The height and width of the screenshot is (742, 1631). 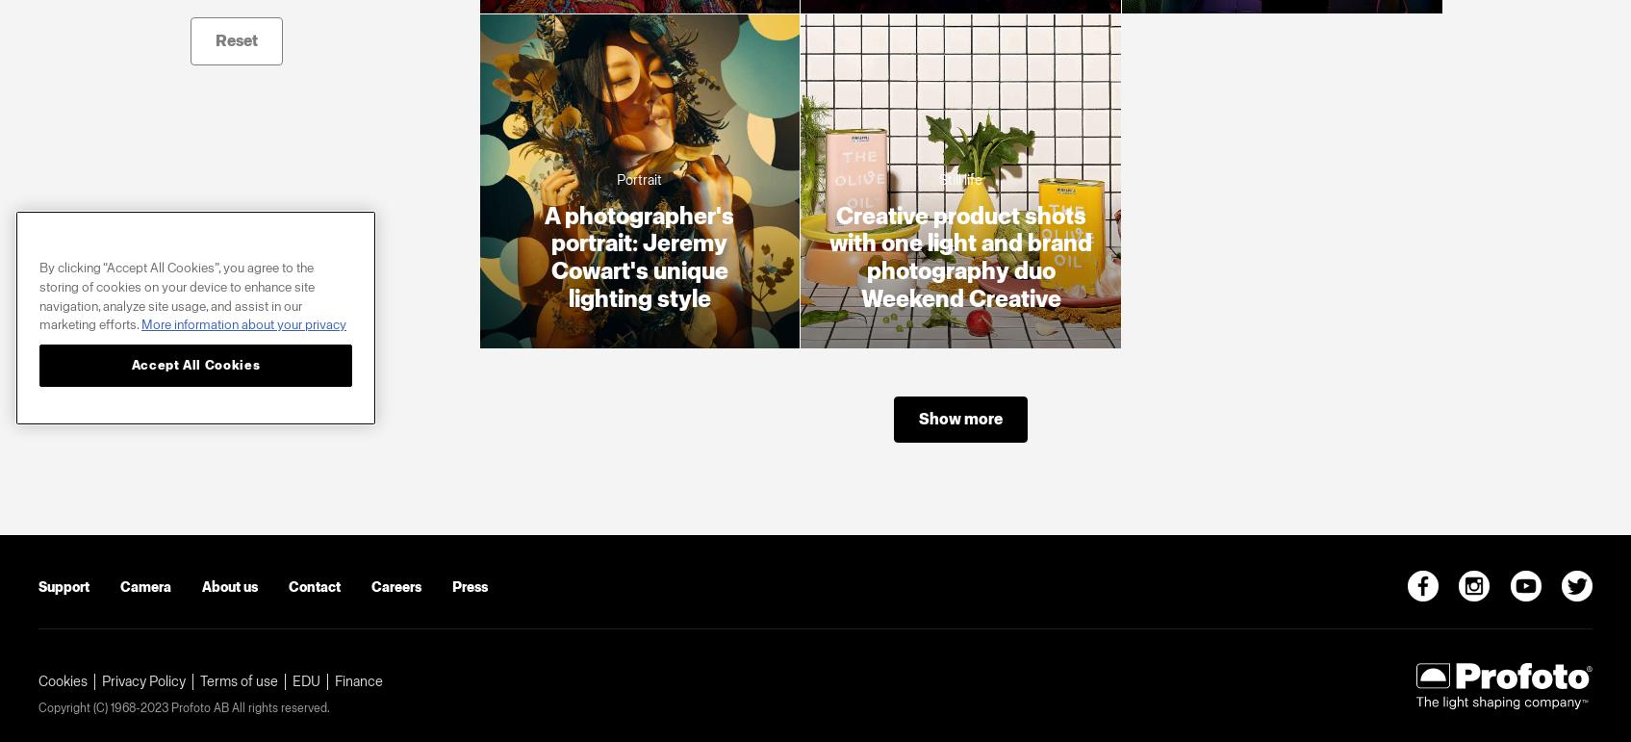 I want to click on 'Contact', so click(x=289, y=586).